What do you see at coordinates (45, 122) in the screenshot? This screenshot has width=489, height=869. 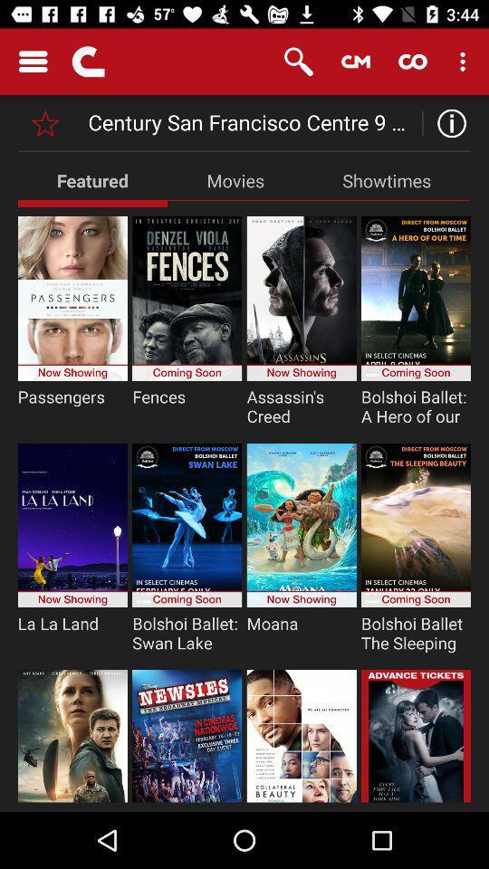 I see `favorite` at bounding box center [45, 122].